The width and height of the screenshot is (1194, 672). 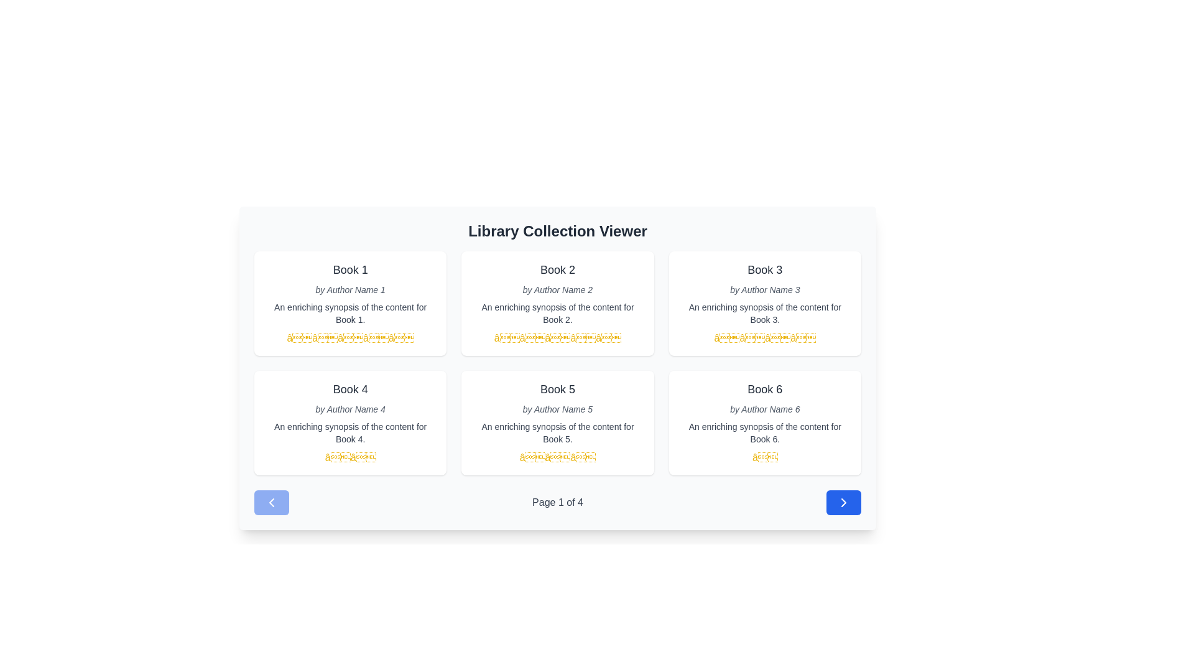 I want to click on the text label displaying 'Book 6' in dark gray, which is located in the bottom-right card of the library viewer interface, so click(x=764, y=388).